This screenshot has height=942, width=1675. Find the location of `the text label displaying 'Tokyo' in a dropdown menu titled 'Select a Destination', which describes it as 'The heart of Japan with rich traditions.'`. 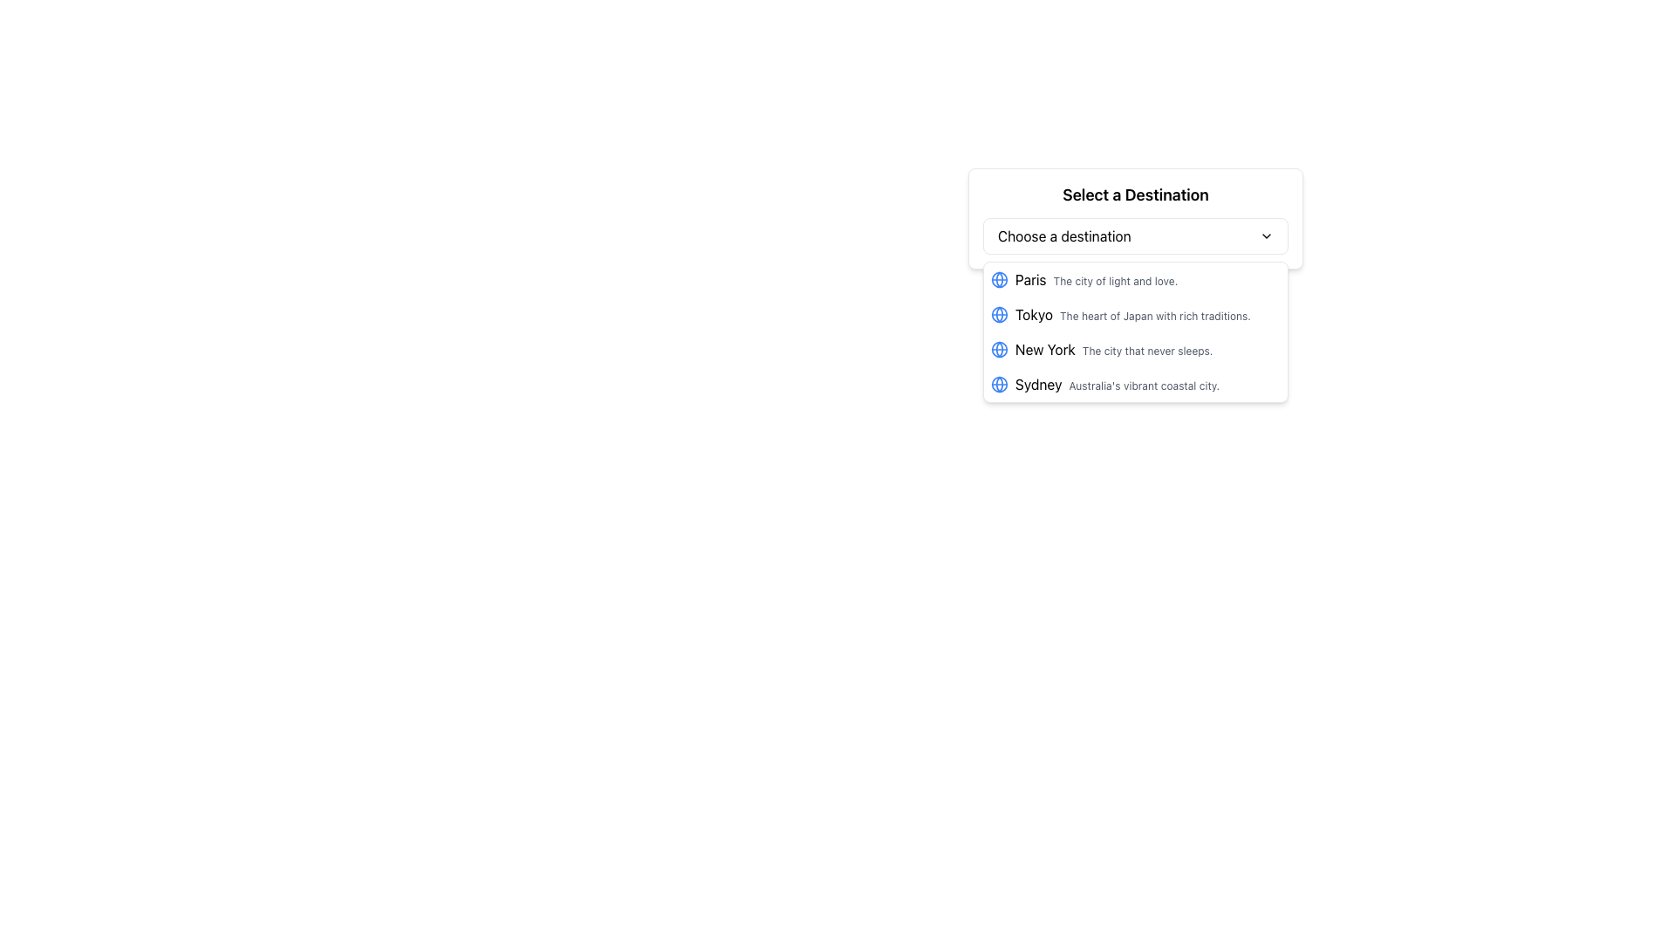

the text label displaying 'Tokyo' in a dropdown menu titled 'Select a Destination', which describes it as 'The heart of Japan with rich traditions.' is located at coordinates (1132, 315).